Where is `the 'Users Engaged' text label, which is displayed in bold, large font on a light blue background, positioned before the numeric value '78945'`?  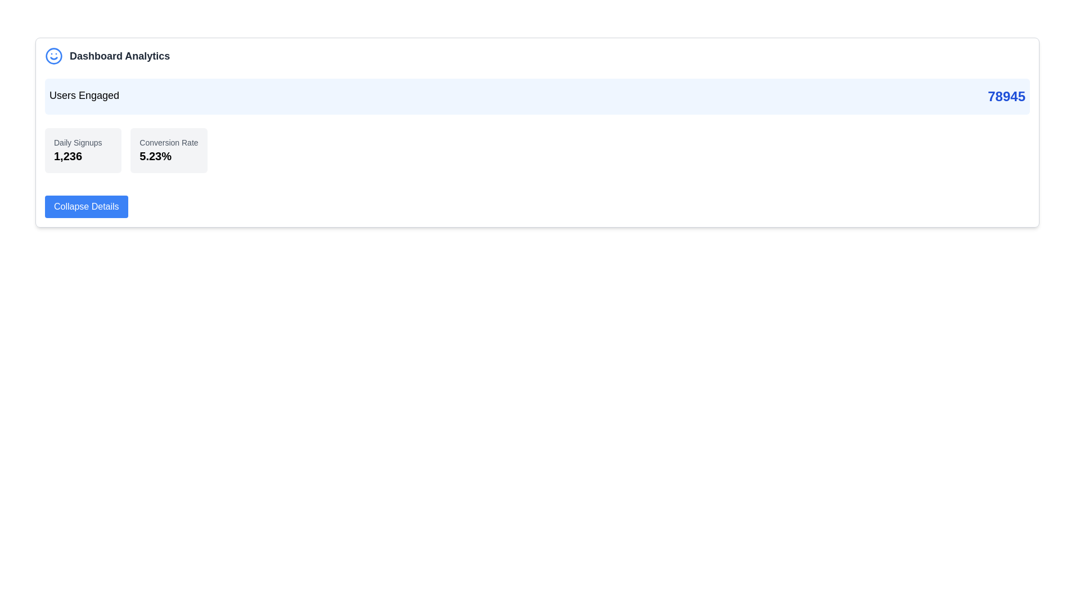 the 'Users Engaged' text label, which is displayed in bold, large font on a light blue background, positioned before the numeric value '78945' is located at coordinates (83, 96).